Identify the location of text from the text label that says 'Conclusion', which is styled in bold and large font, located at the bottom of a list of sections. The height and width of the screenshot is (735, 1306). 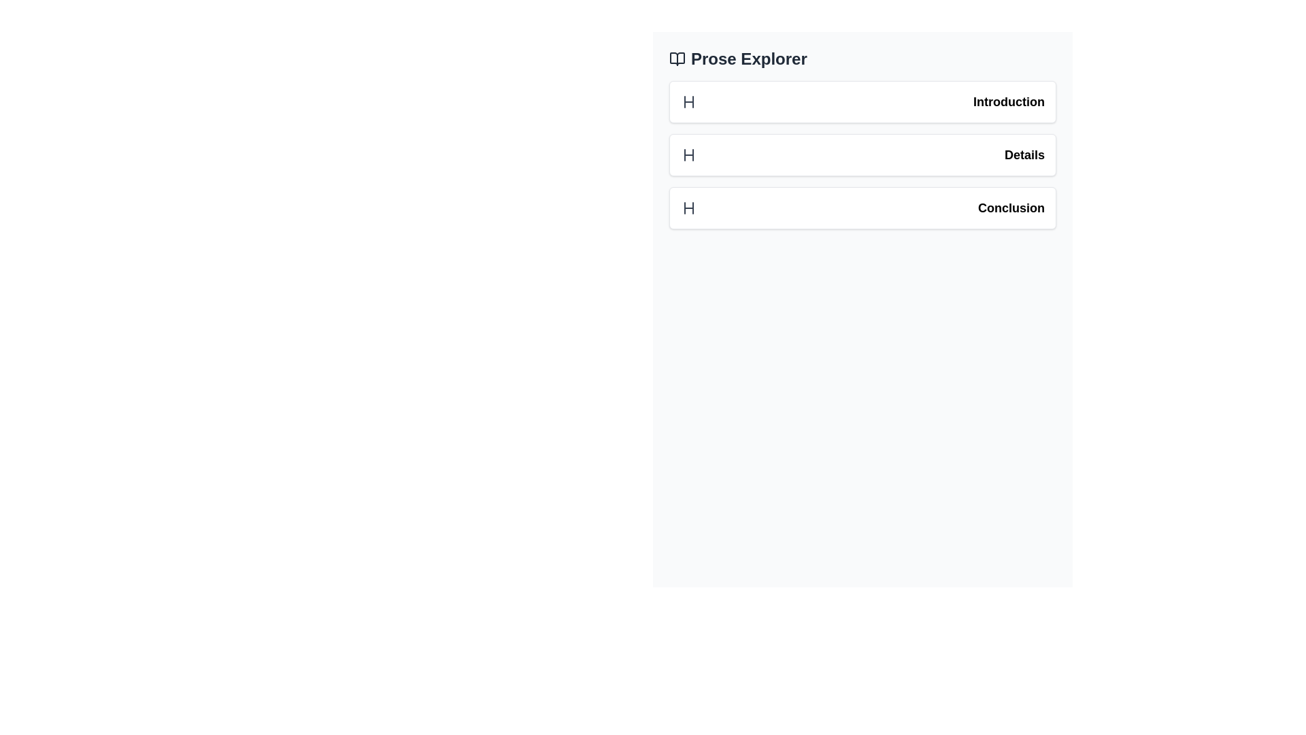
(1011, 208).